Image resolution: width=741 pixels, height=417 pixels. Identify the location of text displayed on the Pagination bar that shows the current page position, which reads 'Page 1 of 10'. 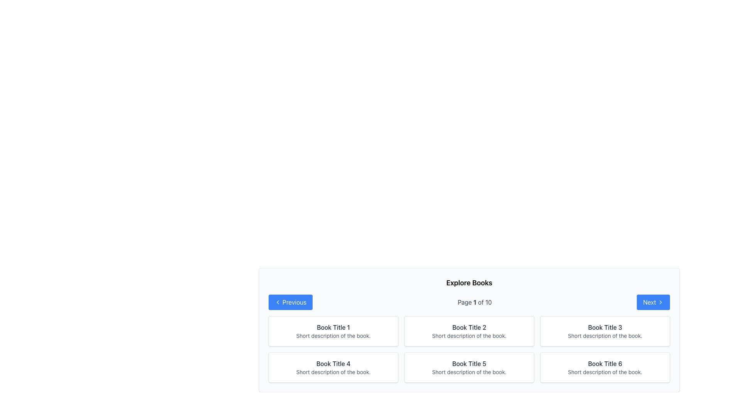
(469, 302).